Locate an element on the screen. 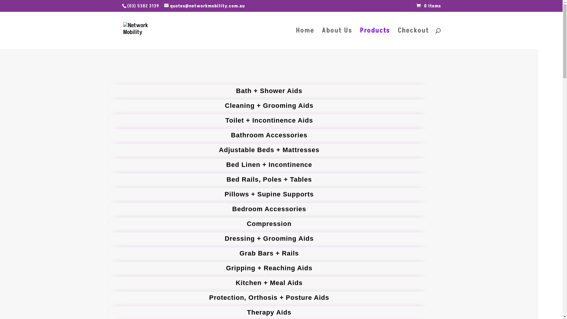 This screenshot has height=319, width=567. 'Grab Bars + Rails' is located at coordinates (269, 253).